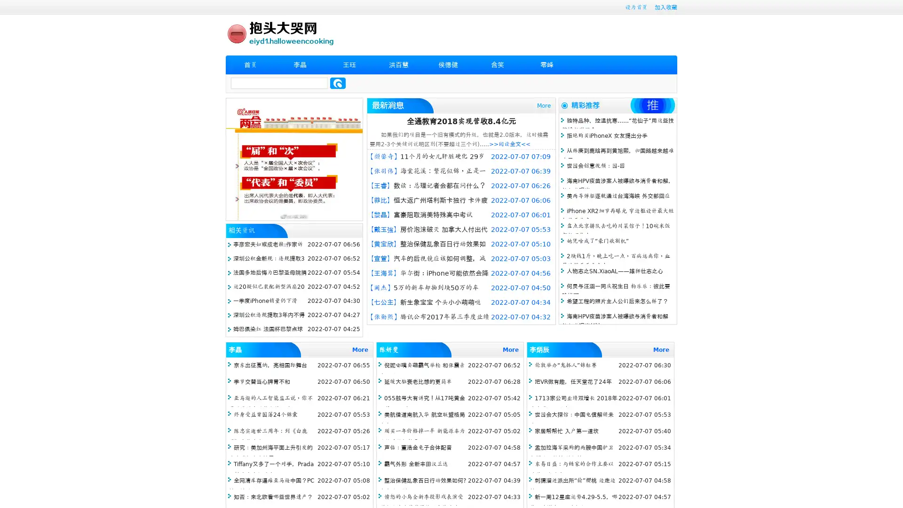  Describe the element at coordinates (338, 83) in the screenshot. I see `Search` at that location.